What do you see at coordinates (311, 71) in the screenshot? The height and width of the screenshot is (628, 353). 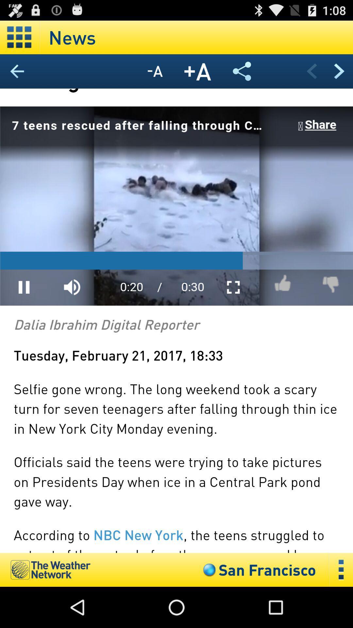 I see `back` at bounding box center [311, 71].